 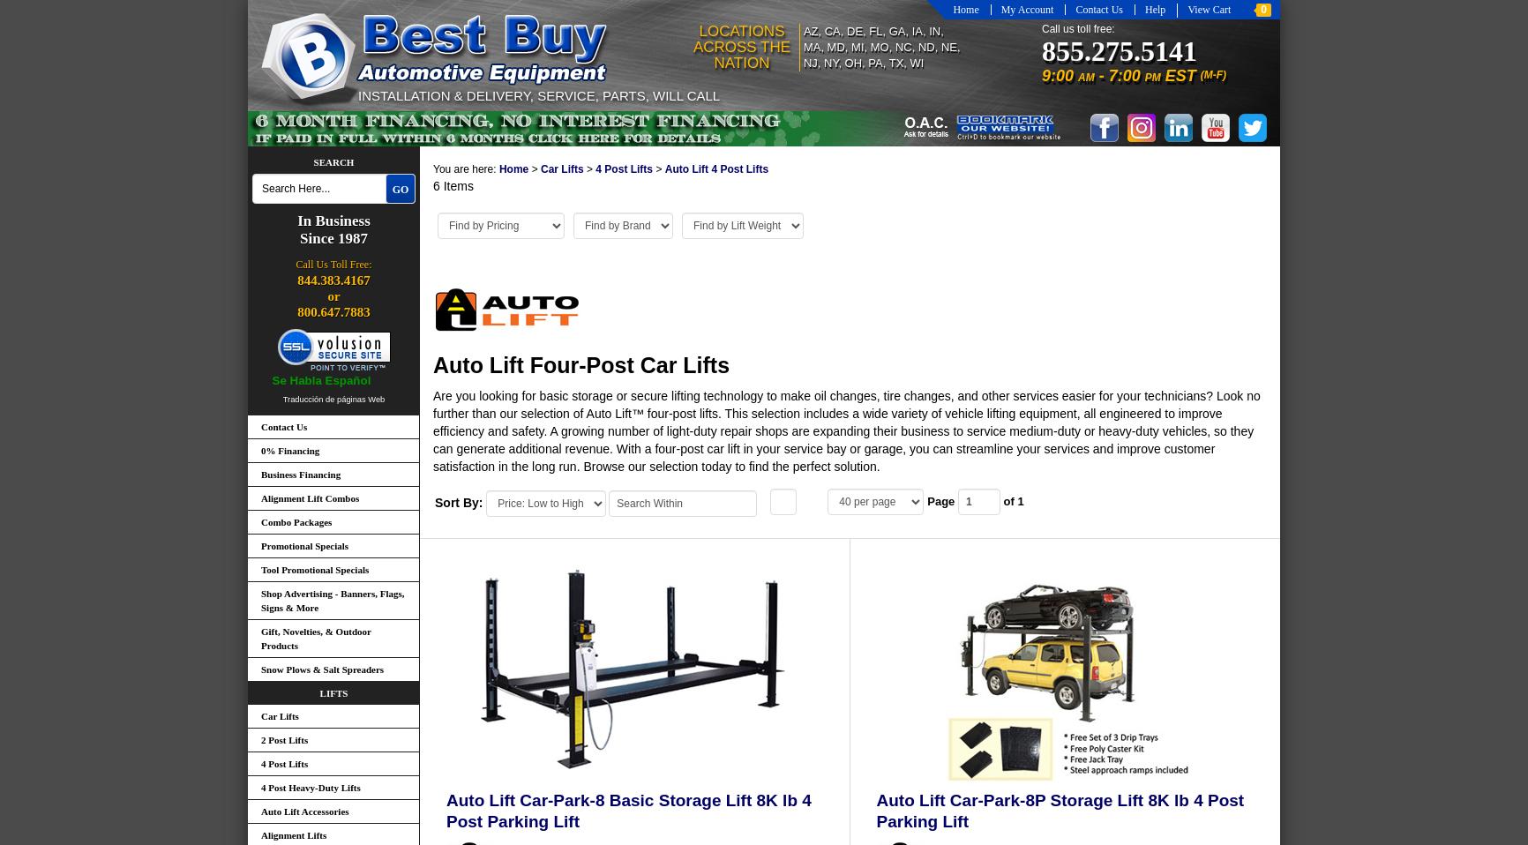 What do you see at coordinates (332, 265) in the screenshot?
I see `'Call Us Toll Free:'` at bounding box center [332, 265].